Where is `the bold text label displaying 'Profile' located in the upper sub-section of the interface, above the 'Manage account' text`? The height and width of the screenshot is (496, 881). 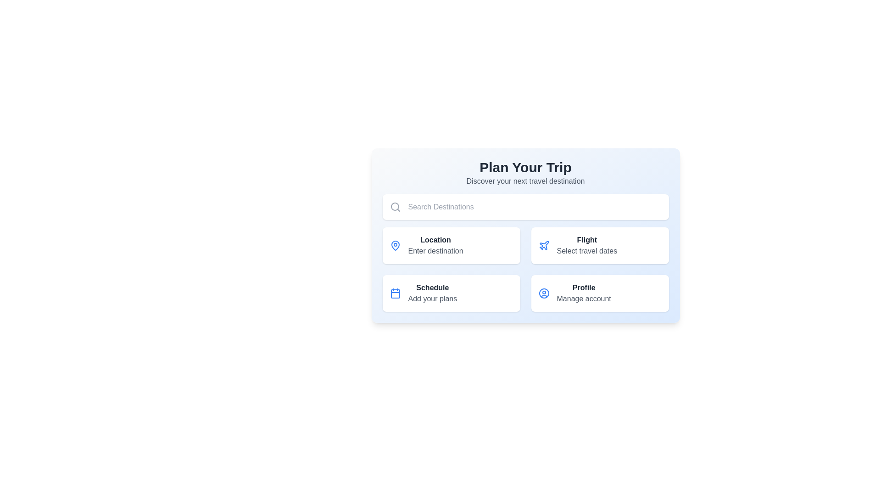
the bold text label displaying 'Profile' located in the upper sub-section of the interface, above the 'Manage account' text is located at coordinates (583, 287).